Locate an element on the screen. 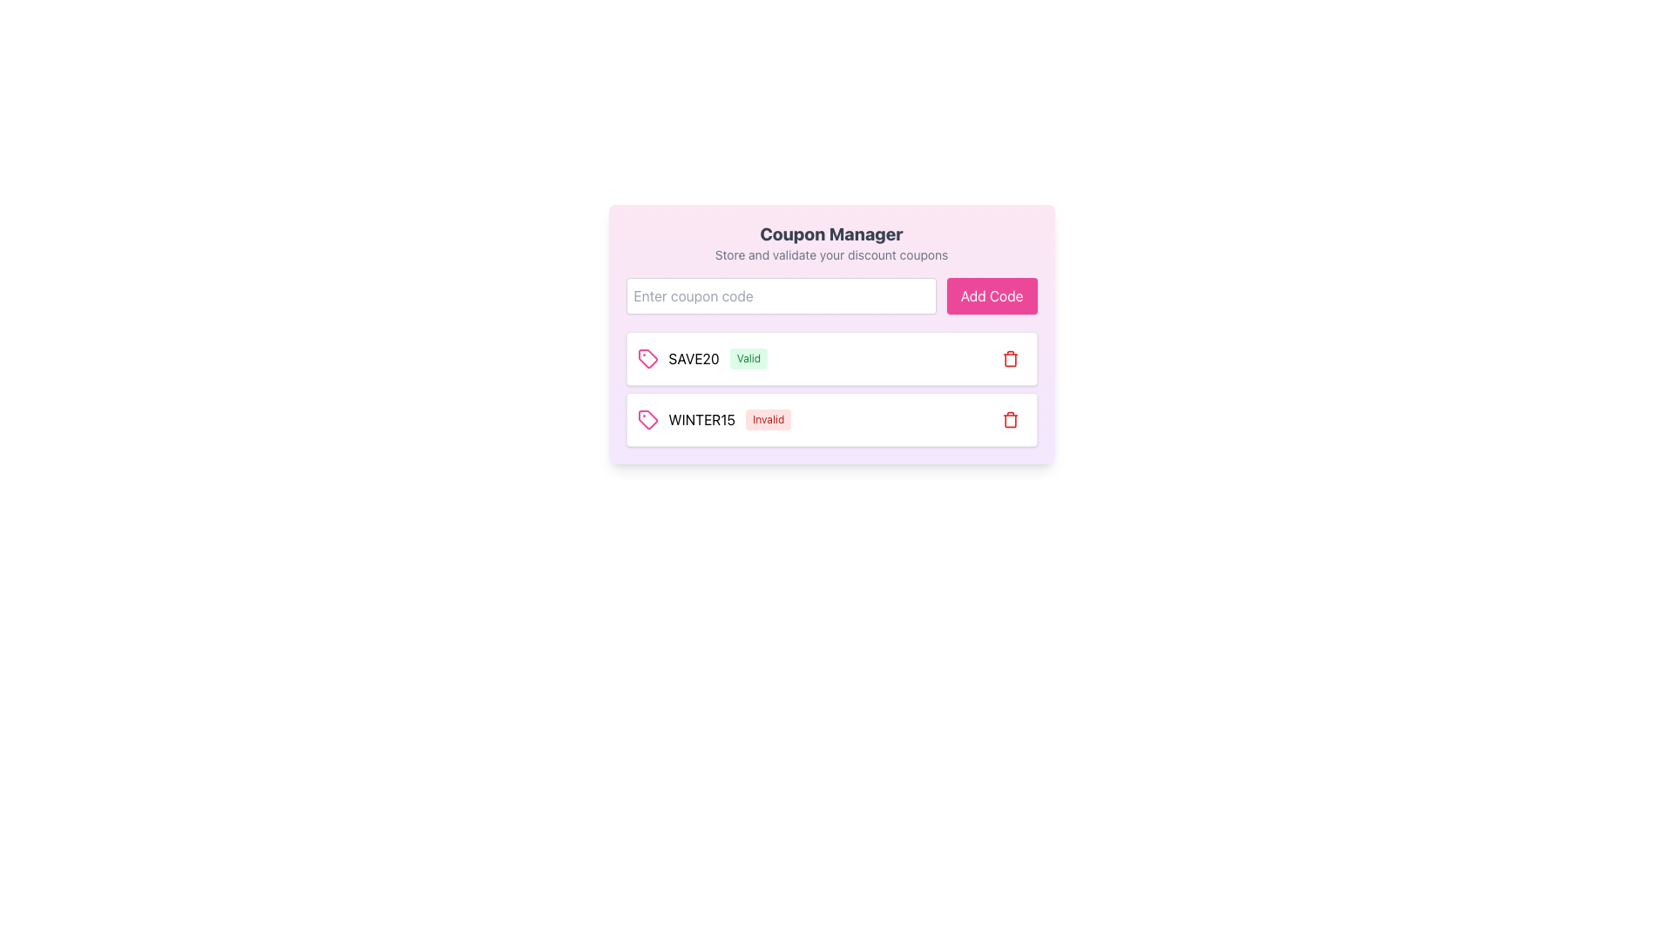 The image size is (1673, 941). the curved rectangular shape resembling a trash can within the delete button's SVG icon, located on the right side of the second row of coupons near the 'WINTER15' code label is located at coordinates (1010, 421).